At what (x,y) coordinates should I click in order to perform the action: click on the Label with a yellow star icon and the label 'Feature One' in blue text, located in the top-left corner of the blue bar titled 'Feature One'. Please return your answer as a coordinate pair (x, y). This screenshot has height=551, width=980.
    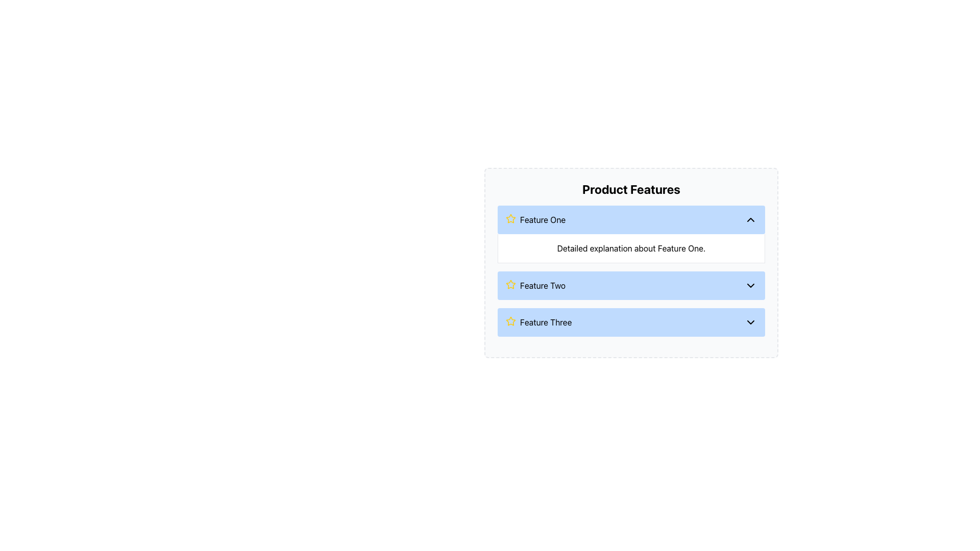
    Looking at the image, I should click on (535, 219).